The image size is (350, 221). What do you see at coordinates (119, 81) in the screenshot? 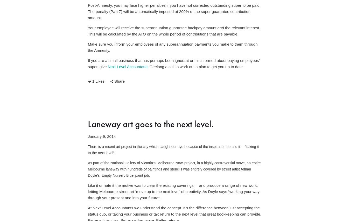
I see `'Share'` at bounding box center [119, 81].